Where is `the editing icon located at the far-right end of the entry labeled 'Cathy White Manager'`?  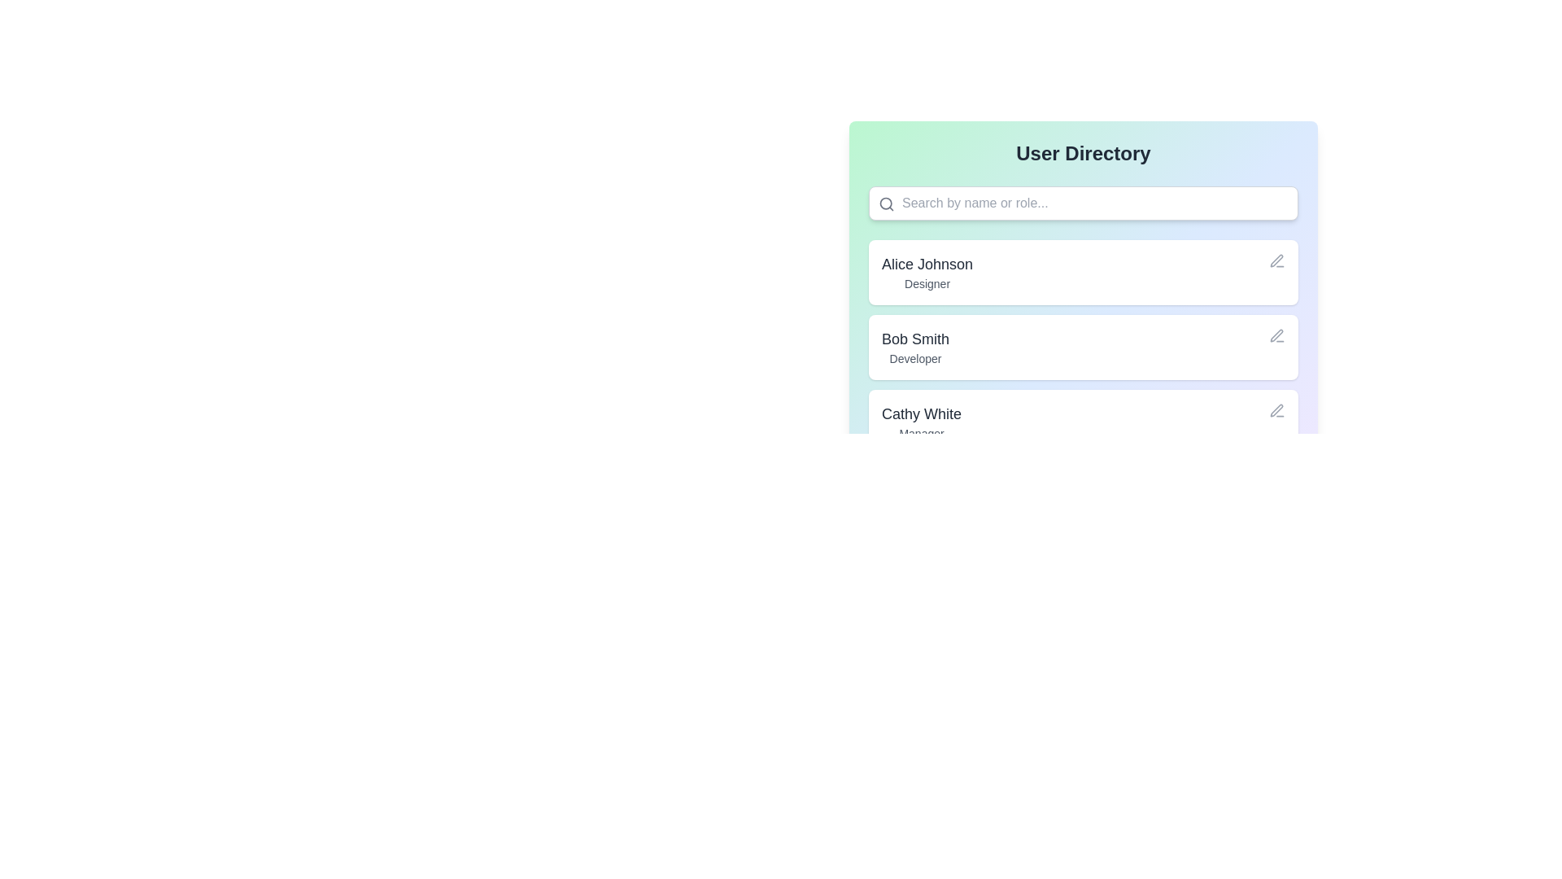
the editing icon located at the far-right end of the entry labeled 'Cathy White Manager' is located at coordinates (1276, 410).